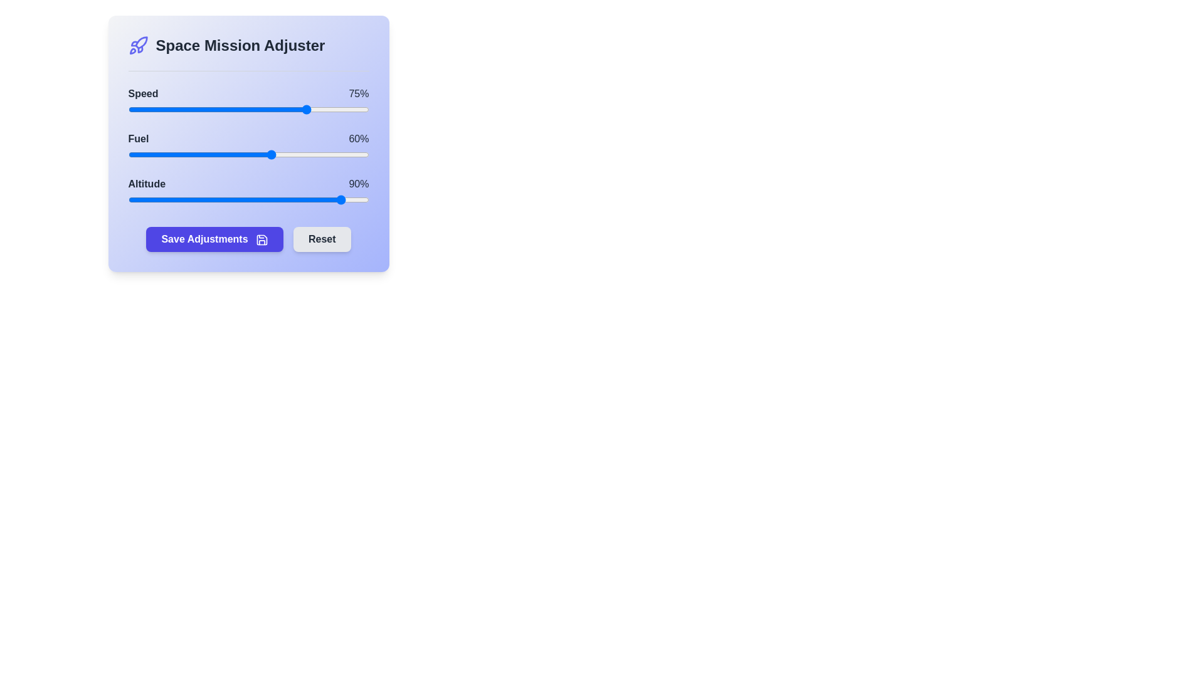 This screenshot has height=677, width=1204. I want to click on the 1 slider to 42%, so click(229, 154).